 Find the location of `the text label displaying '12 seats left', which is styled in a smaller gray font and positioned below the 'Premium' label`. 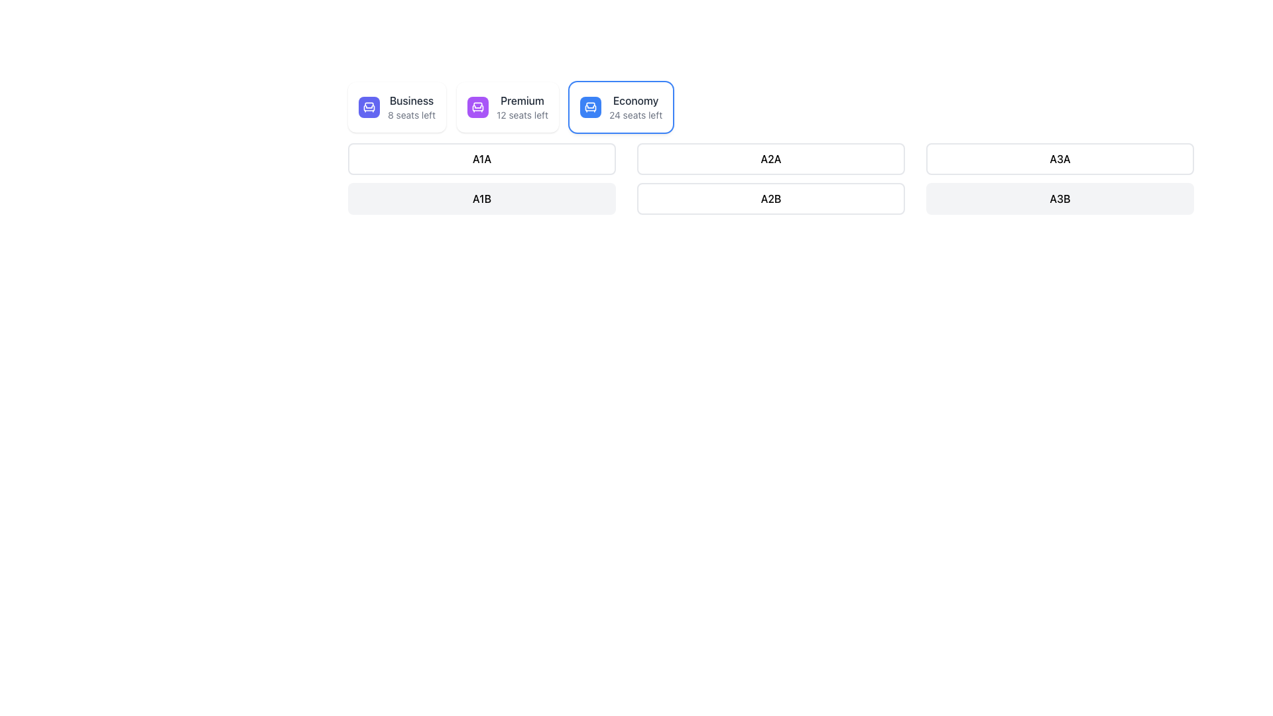

the text label displaying '12 seats left', which is styled in a smaller gray font and positioned below the 'Premium' label is located at coordinates (521, 114).